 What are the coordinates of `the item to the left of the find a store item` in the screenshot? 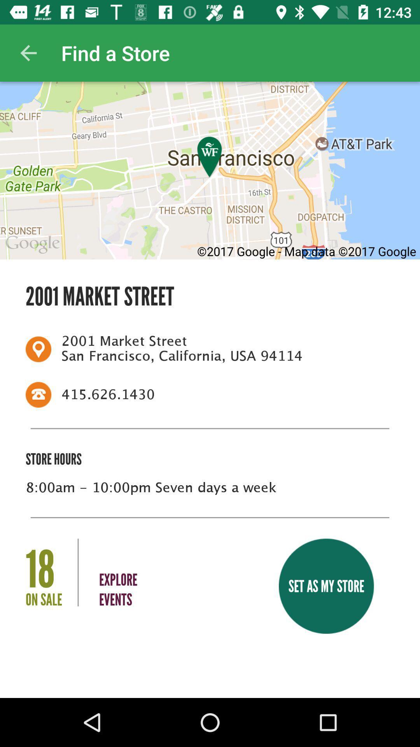 It's located at (28, 53).